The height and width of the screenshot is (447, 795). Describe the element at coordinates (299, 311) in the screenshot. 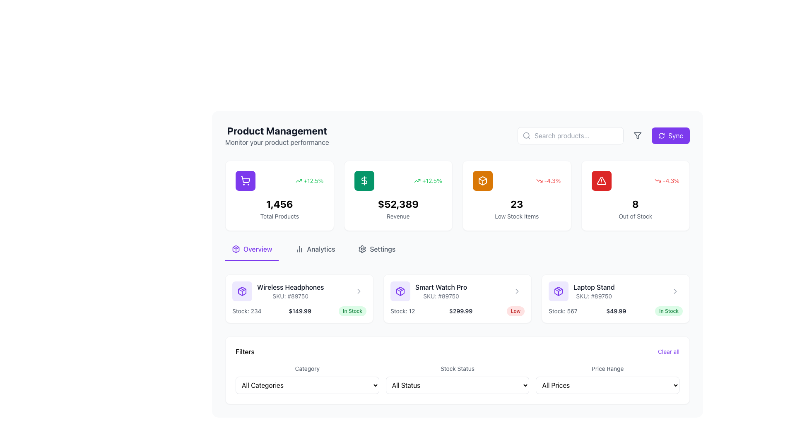

I see `the static text label displaying the price '$149.99' that is located within the 'Wireless Headphones' card, centered below the 'Stock: 234' label` at that location.